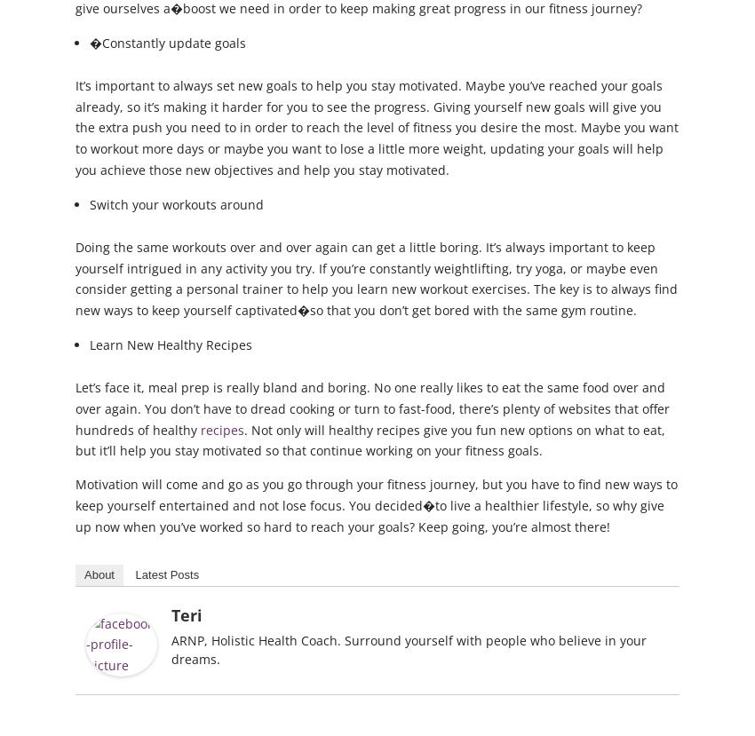 This screenshot has width=755, height=736. I want to click on 'Latest Posts', so click(166, 573).